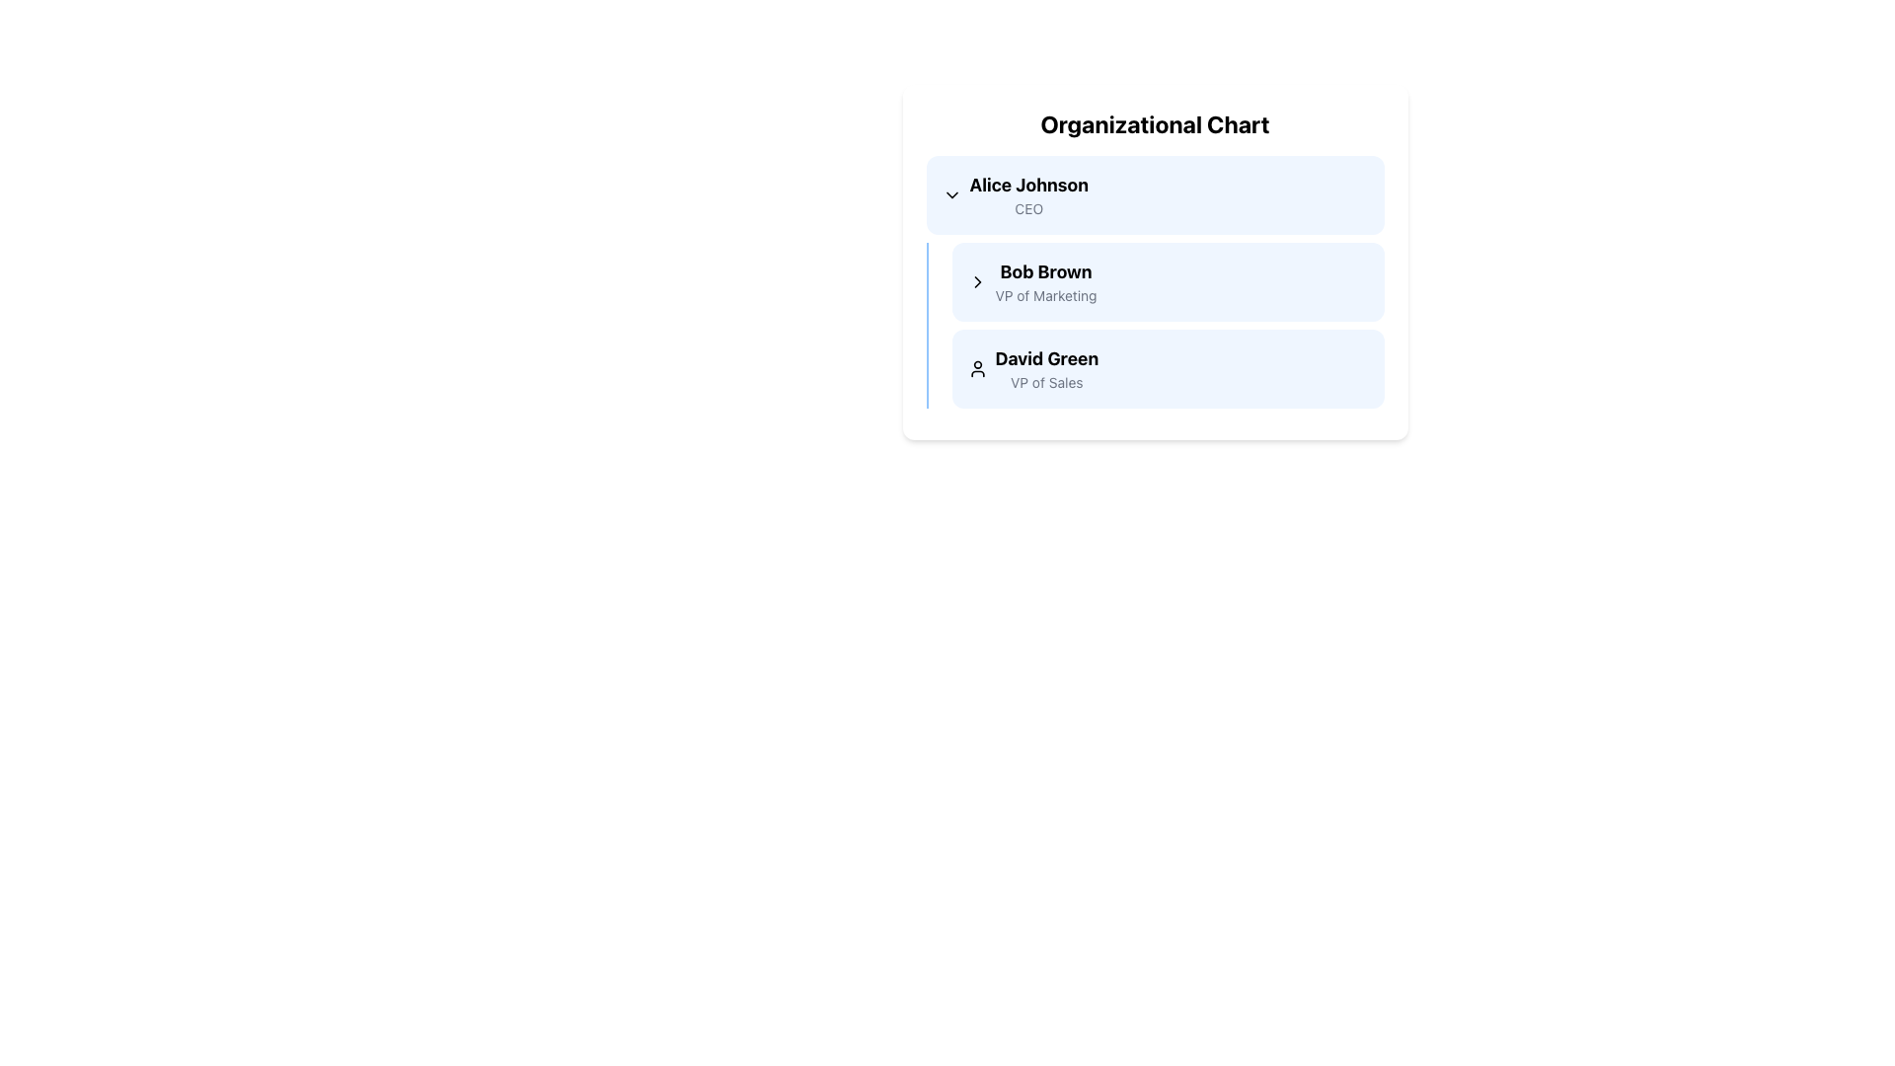 Image resolution: width=1895 pixels, height=1066 pixels. Describe the element at coordinates (1168, 281) in the screenshot. I see `the Complex UI component labeled 'Bob Brown'` at that location.